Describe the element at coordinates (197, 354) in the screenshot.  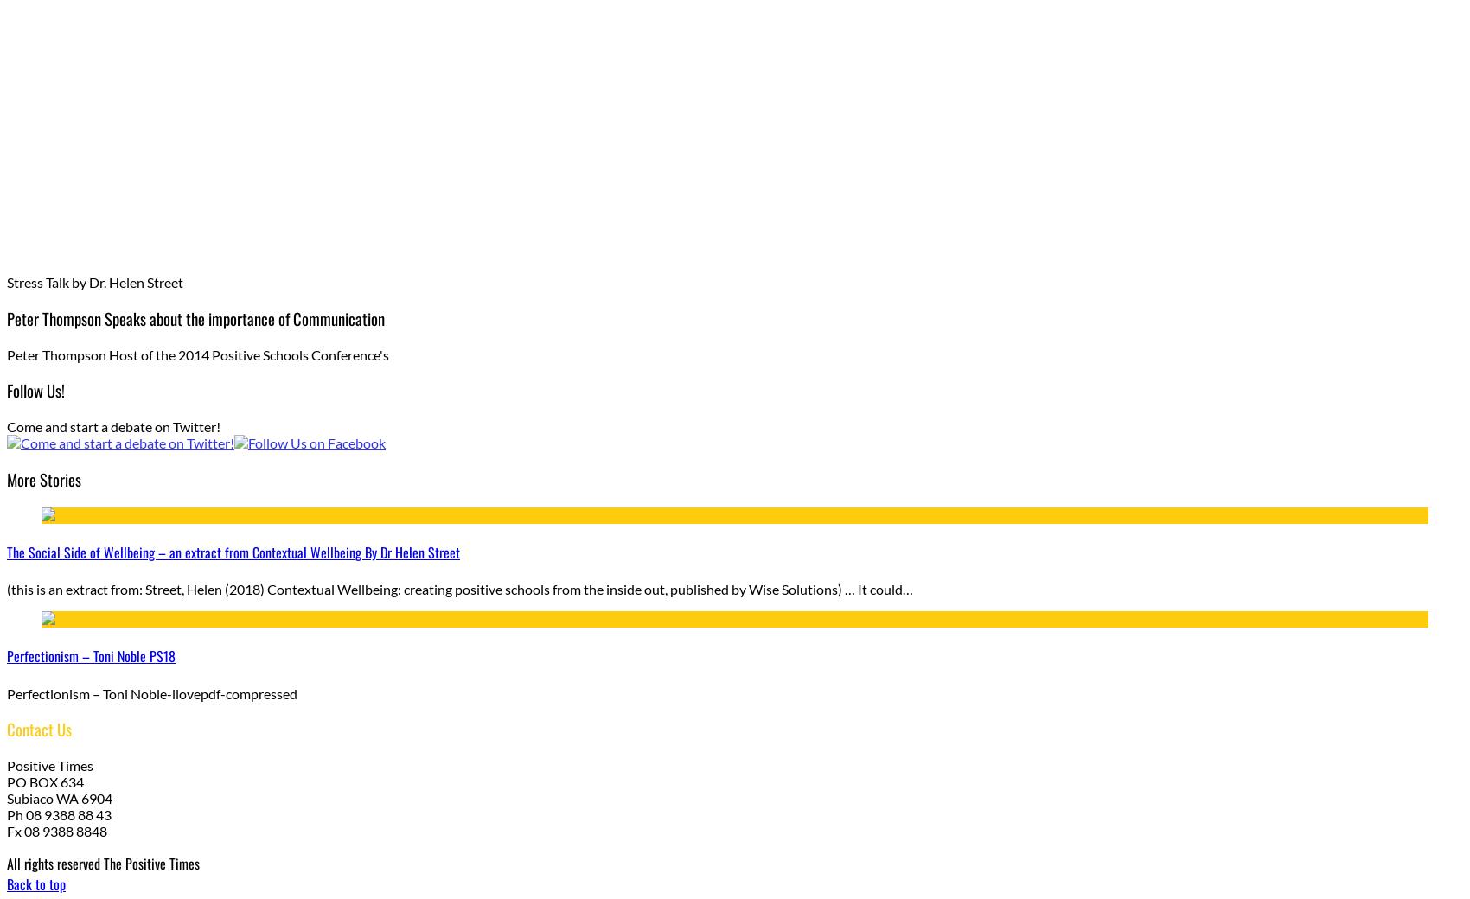
I see `'Peter Thompson Host of the 2014 Positive Schools Conference's'` at that location.